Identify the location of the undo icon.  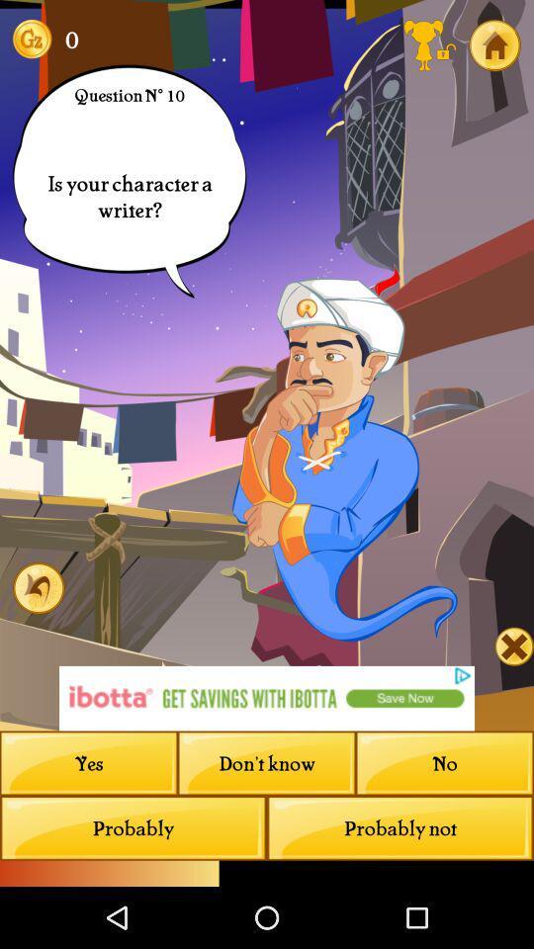
(39, 628).